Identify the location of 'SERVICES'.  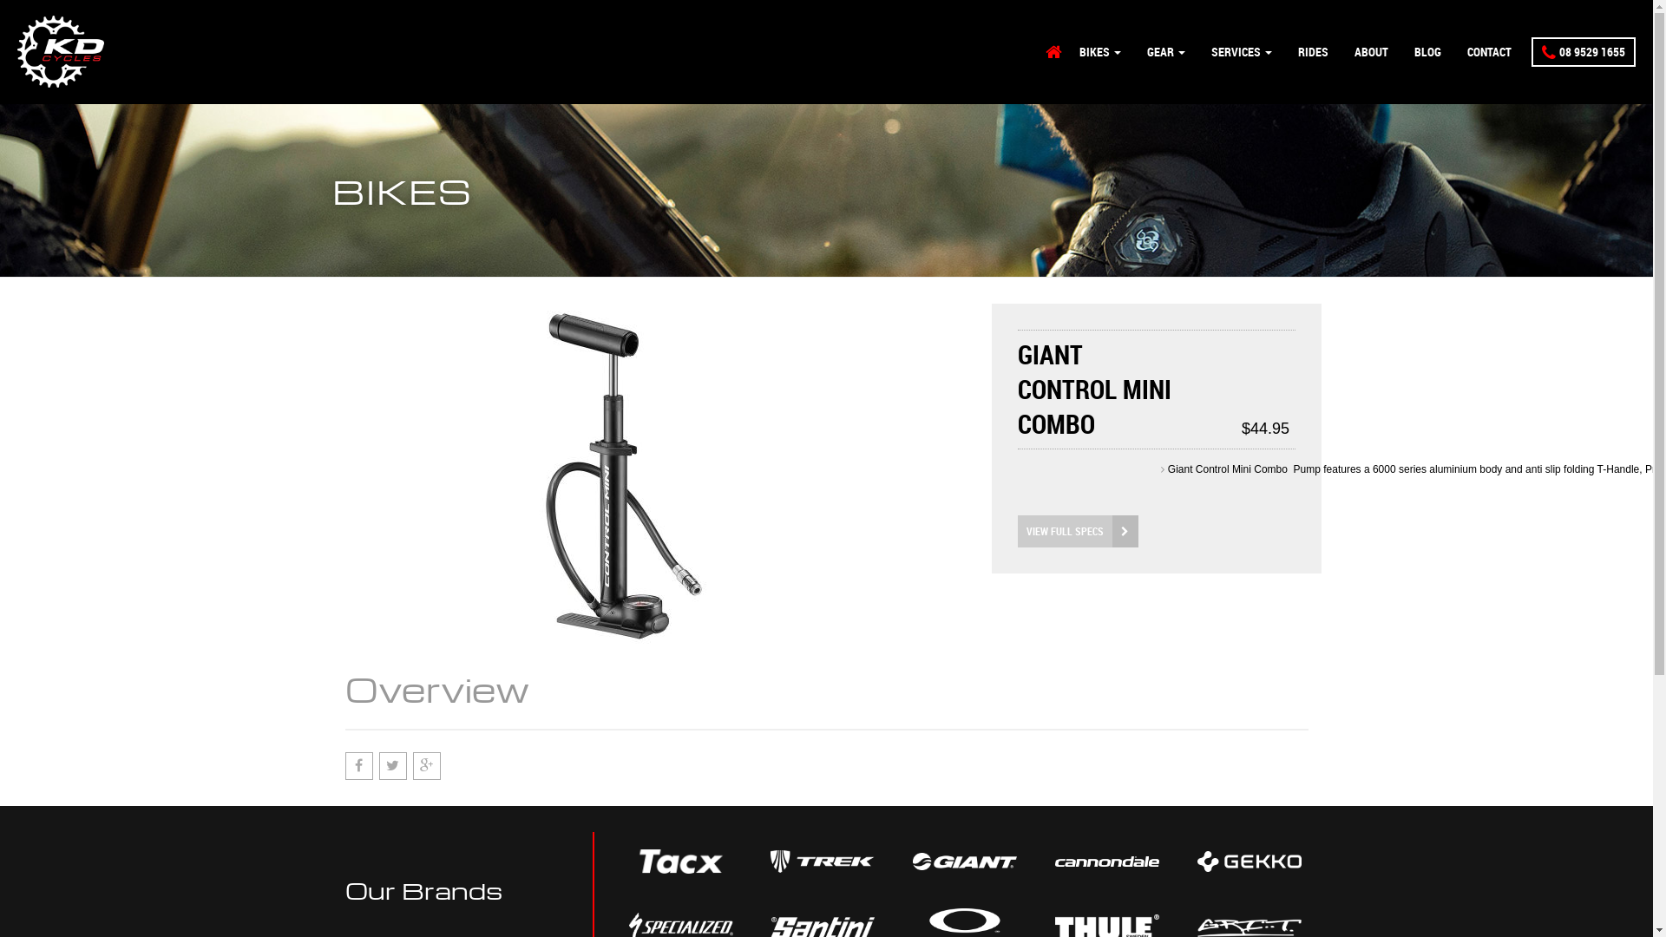
(1240, 51).